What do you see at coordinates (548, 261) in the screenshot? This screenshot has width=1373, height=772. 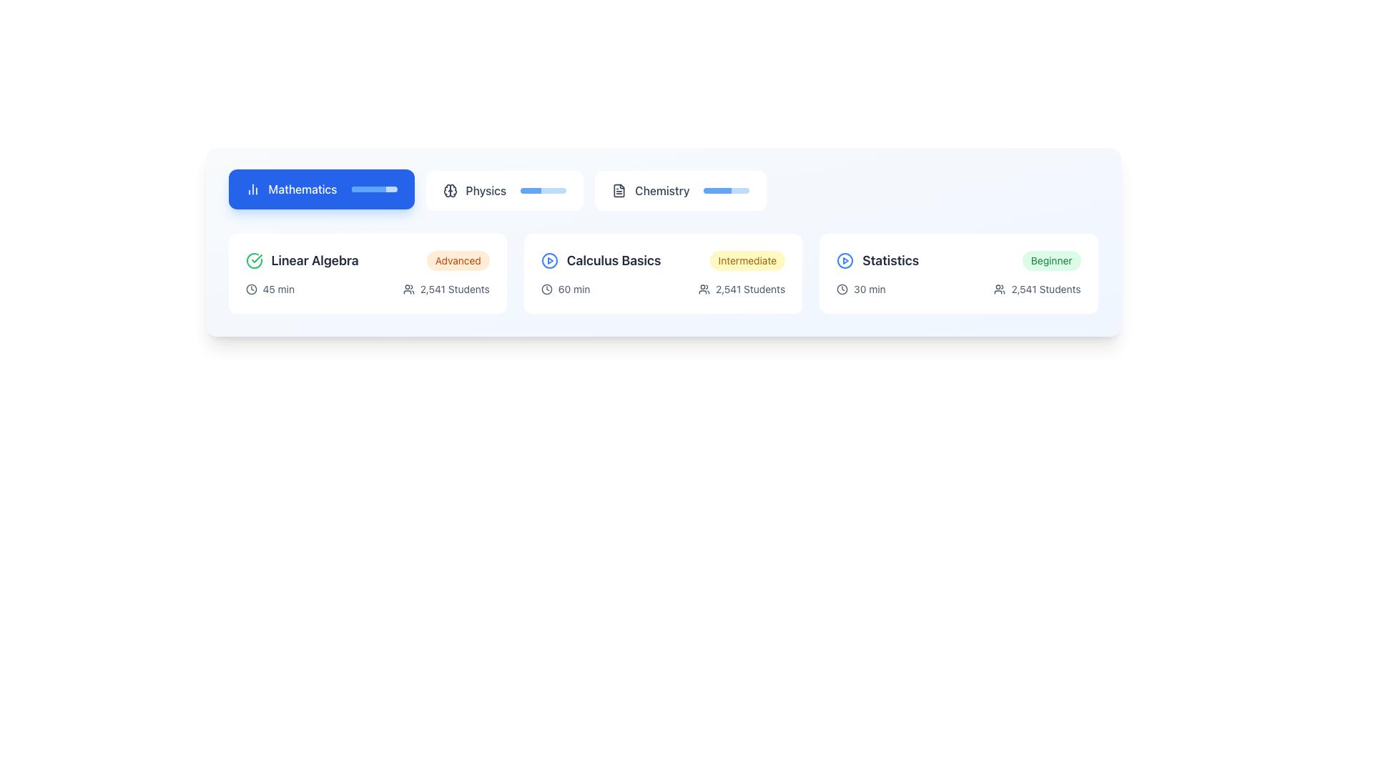 I see `the circular play button icon located to the left of the 'Calculus Basics' text label` at bounding box center [548, 261].